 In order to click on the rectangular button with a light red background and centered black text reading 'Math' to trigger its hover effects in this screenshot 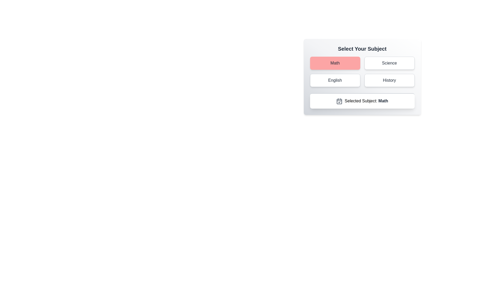, I will do `click(335, 63)`.